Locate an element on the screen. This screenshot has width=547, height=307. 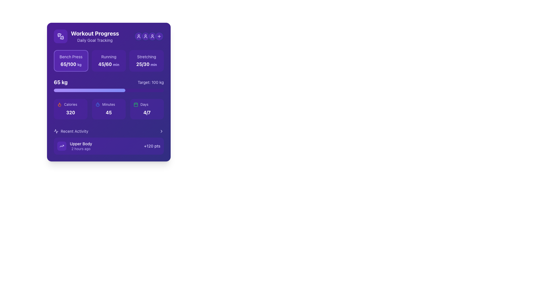
the decorative graphic shaped like twisted paths, filled with a violet hue, located in the upper left portion of the 'Workout Progress' card is located at coordinates (59, 35).